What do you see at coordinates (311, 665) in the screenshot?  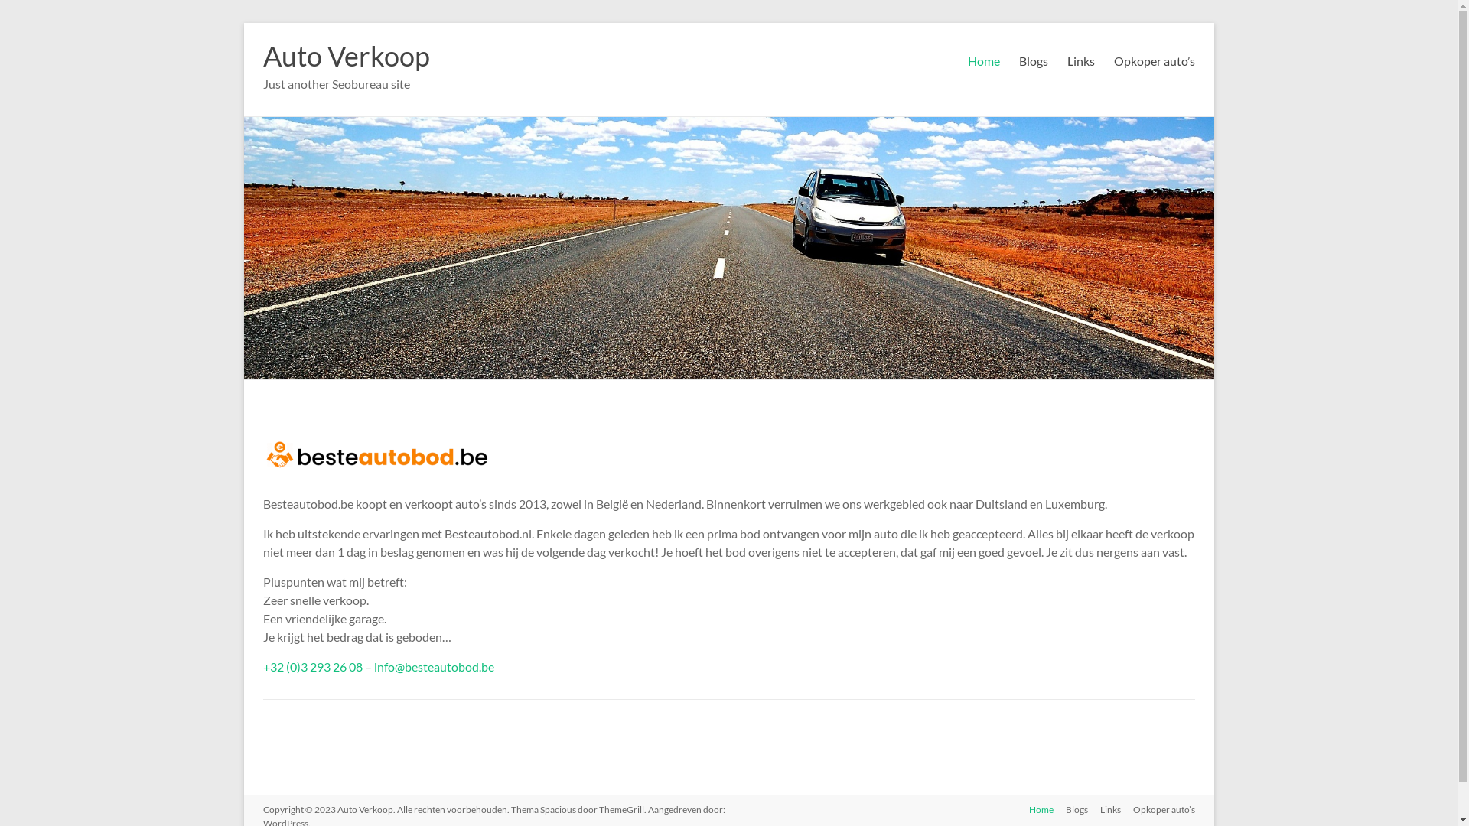 I see `'+32 (0)3 293 26 08'` at bounding box center [311, 665].